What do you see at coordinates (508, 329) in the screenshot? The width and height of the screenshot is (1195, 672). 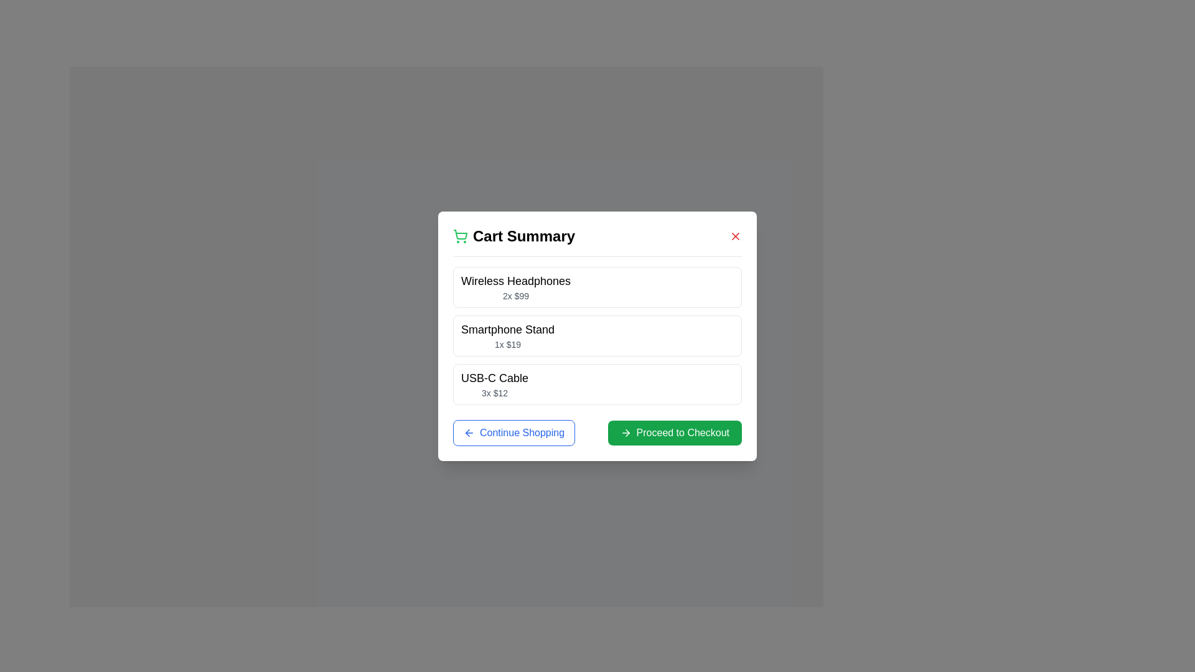 I see `the Text Label displaying the name of the selected item in the cart, which is centrally aligned and positioned between 'Wireless Headphones' and 'USB-C Cable'` at bounding box center [508, 329].